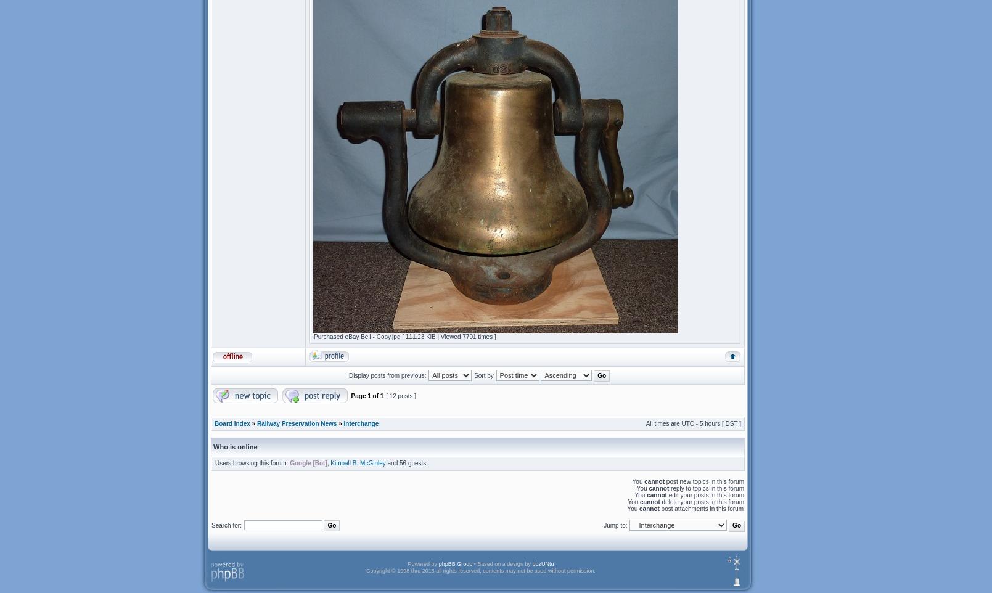 The width and height of the screenshot is (992, 593). I want to click on 'All times are UTC - 5 hours [', so click(685, 423).